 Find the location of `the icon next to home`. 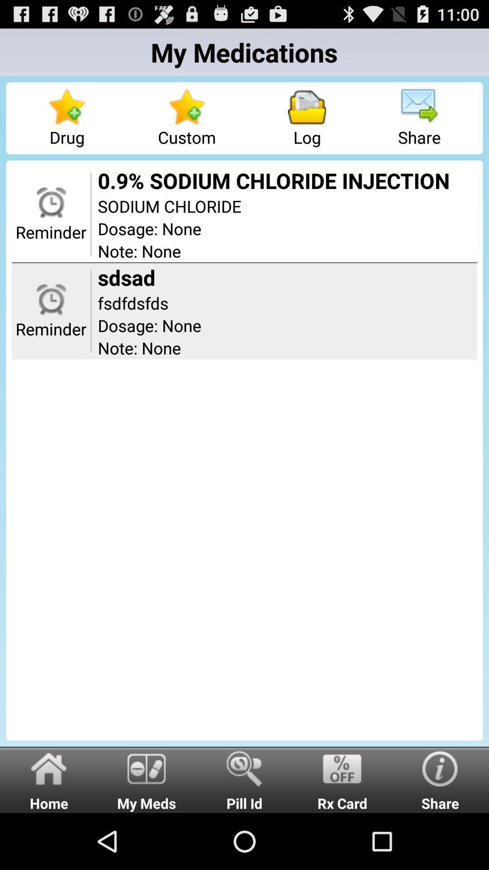

the icon next to home is located at coordinates (146, 779).